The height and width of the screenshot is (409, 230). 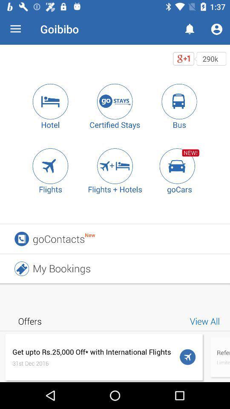 I want to click on the item next to flights + hotels icon, so click(x=50, y=165).